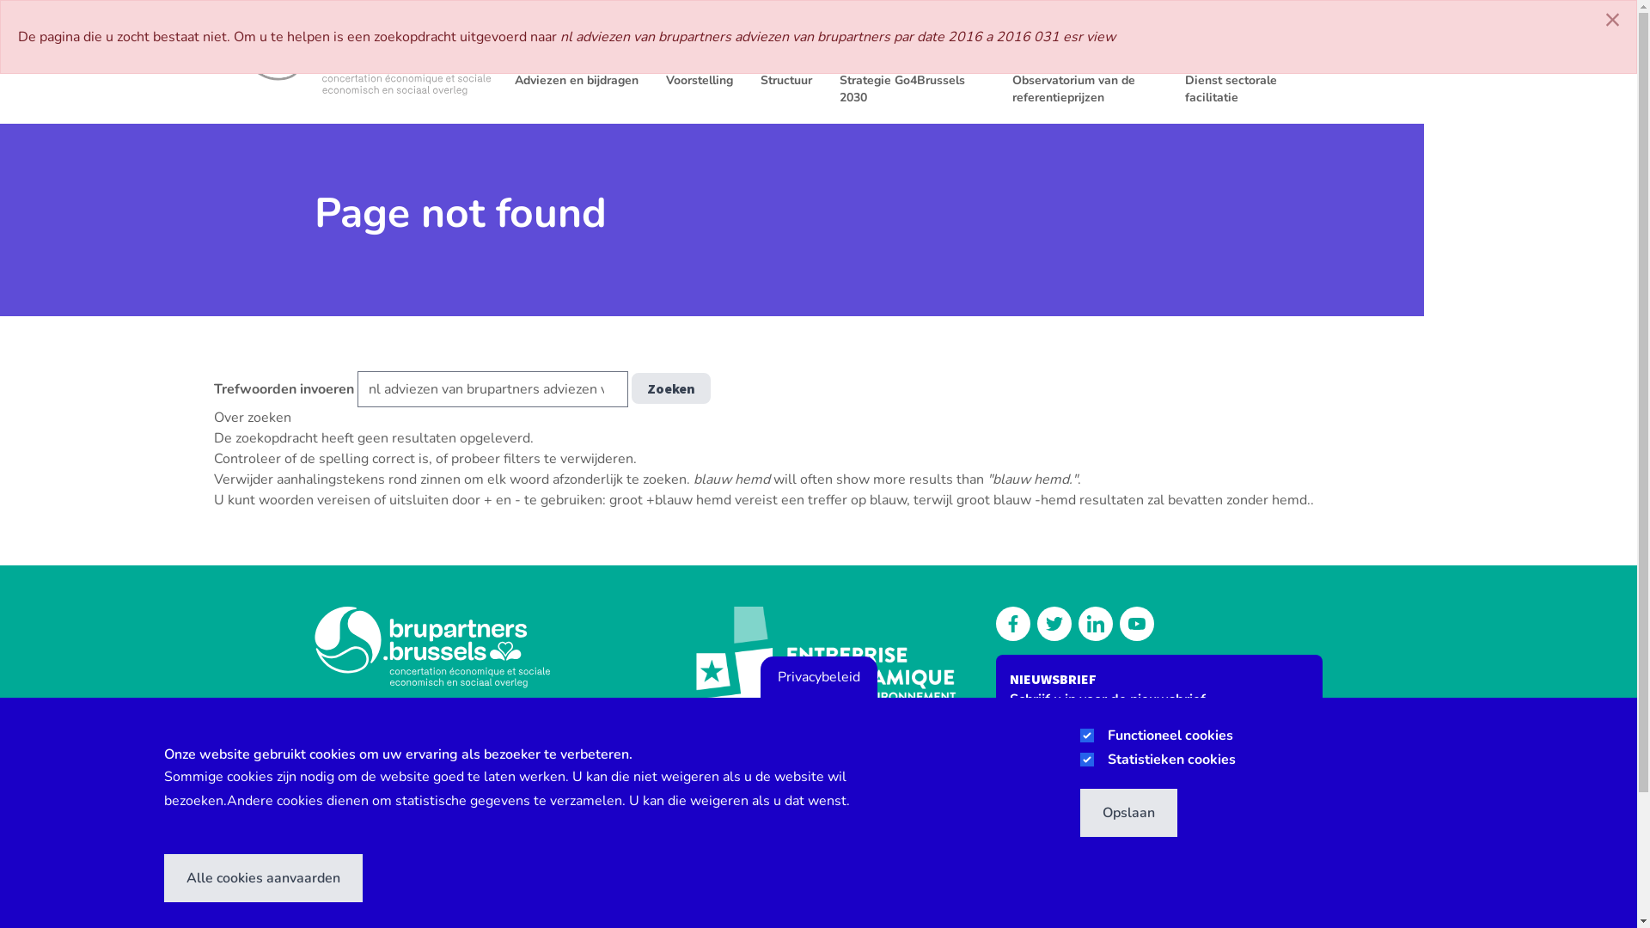  Describe the element at coordinates (261, 878) in the screenshot. I see `'Alle cookies aanvaarden'` at that location.